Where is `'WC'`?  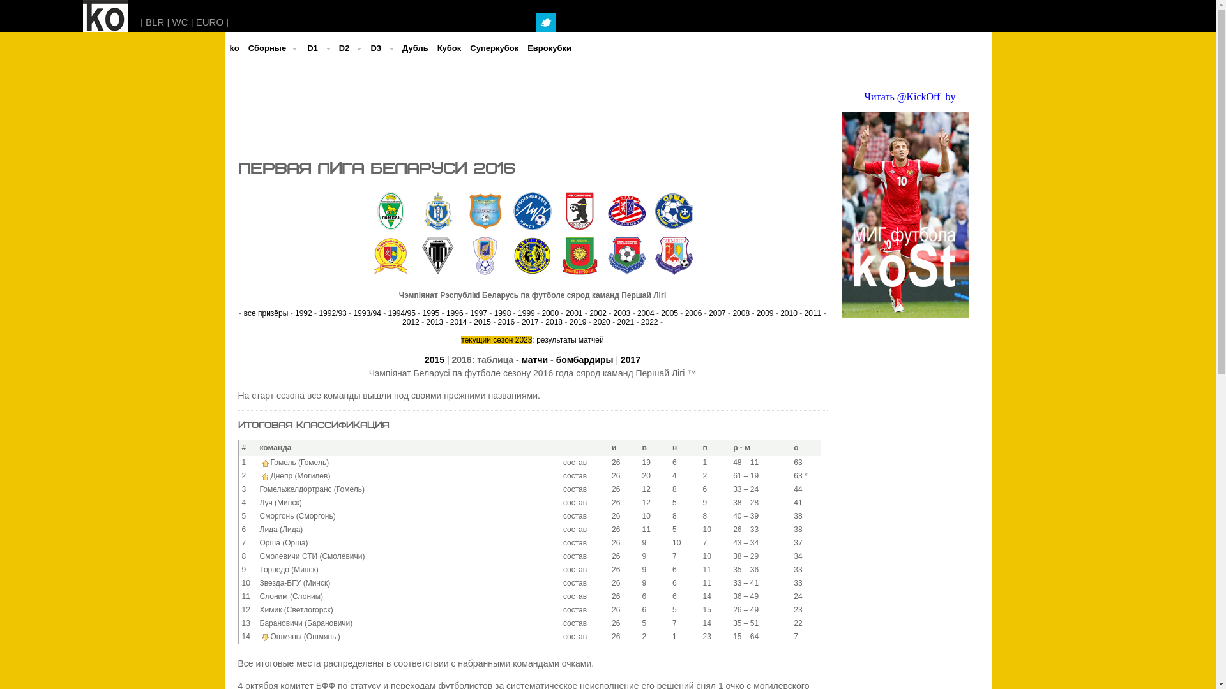
'WC' is located at coordinates (179, 22).